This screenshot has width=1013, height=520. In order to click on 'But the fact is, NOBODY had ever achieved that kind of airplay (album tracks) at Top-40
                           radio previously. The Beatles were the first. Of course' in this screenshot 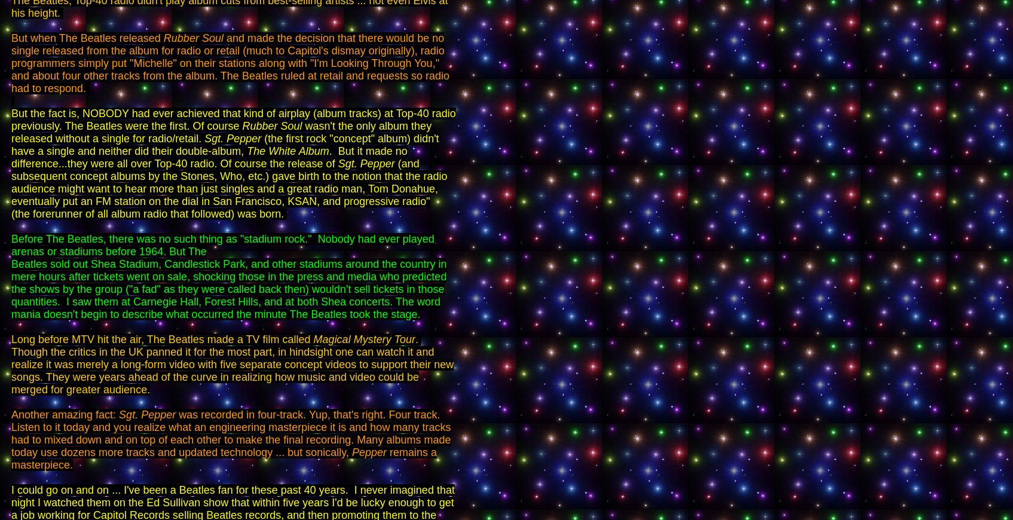, I will do `click(232, 119)`.